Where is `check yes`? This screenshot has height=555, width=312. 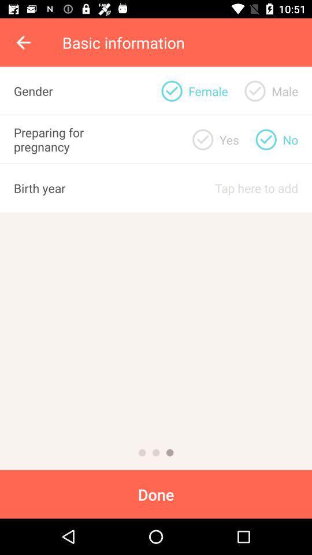
check yes is located at coordinates (202, 139).